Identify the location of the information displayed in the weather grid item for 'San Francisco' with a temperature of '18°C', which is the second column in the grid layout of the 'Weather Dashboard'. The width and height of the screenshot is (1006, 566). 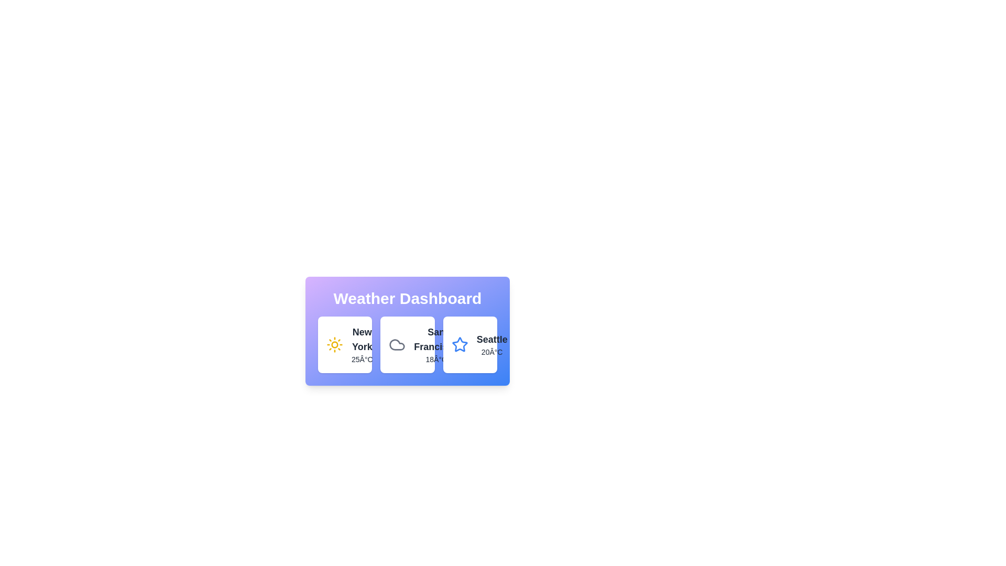
(407, 345).